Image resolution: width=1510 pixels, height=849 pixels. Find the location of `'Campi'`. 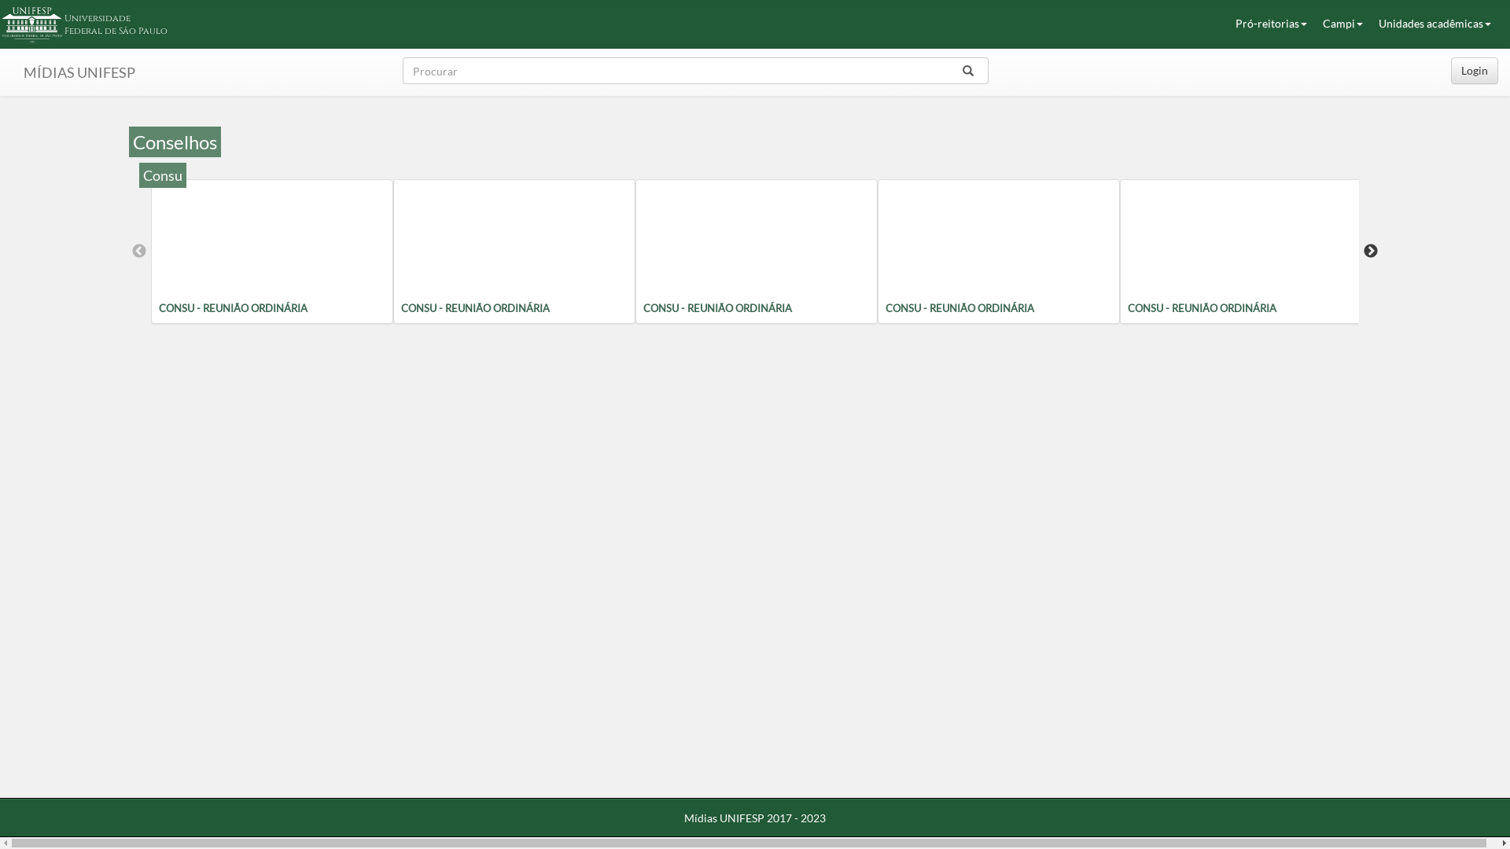

'Campi' is located at coordinates (1342, 24).